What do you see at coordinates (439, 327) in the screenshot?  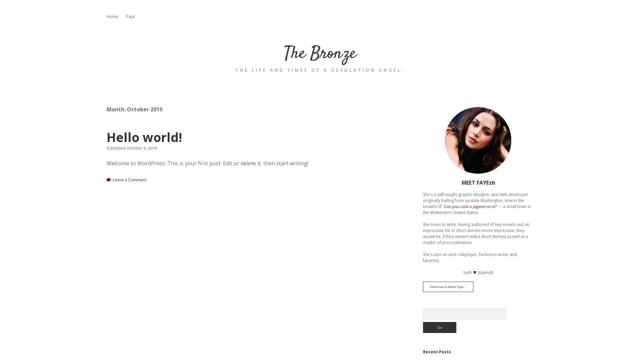 I see `Go` at bounding box center [439, 327].